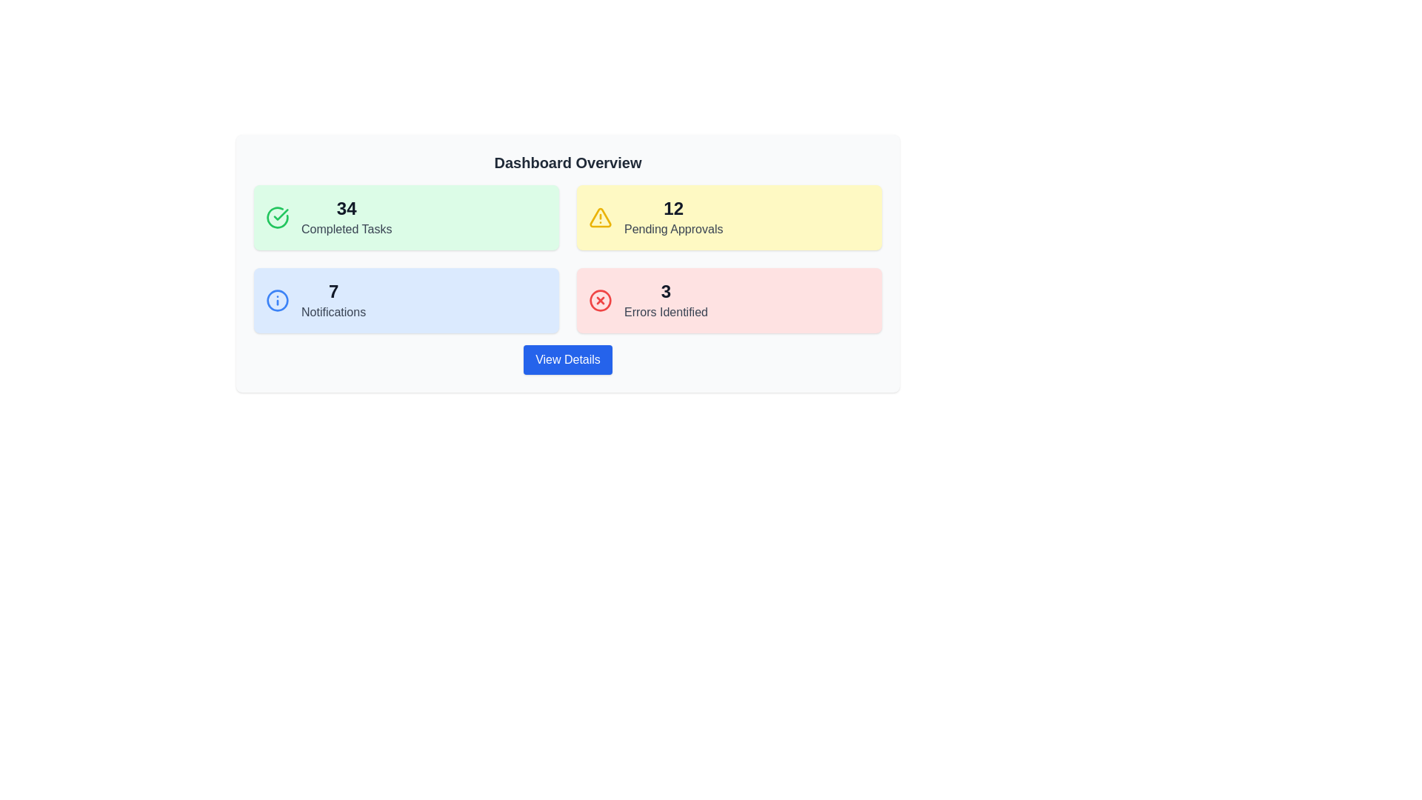  Describe the element at coordinates (665, 300) in the screenshot. I see `information displayed in the informational text block located in the bottom-right section of the dashboard, which is inside a red rectangular card` at that location.